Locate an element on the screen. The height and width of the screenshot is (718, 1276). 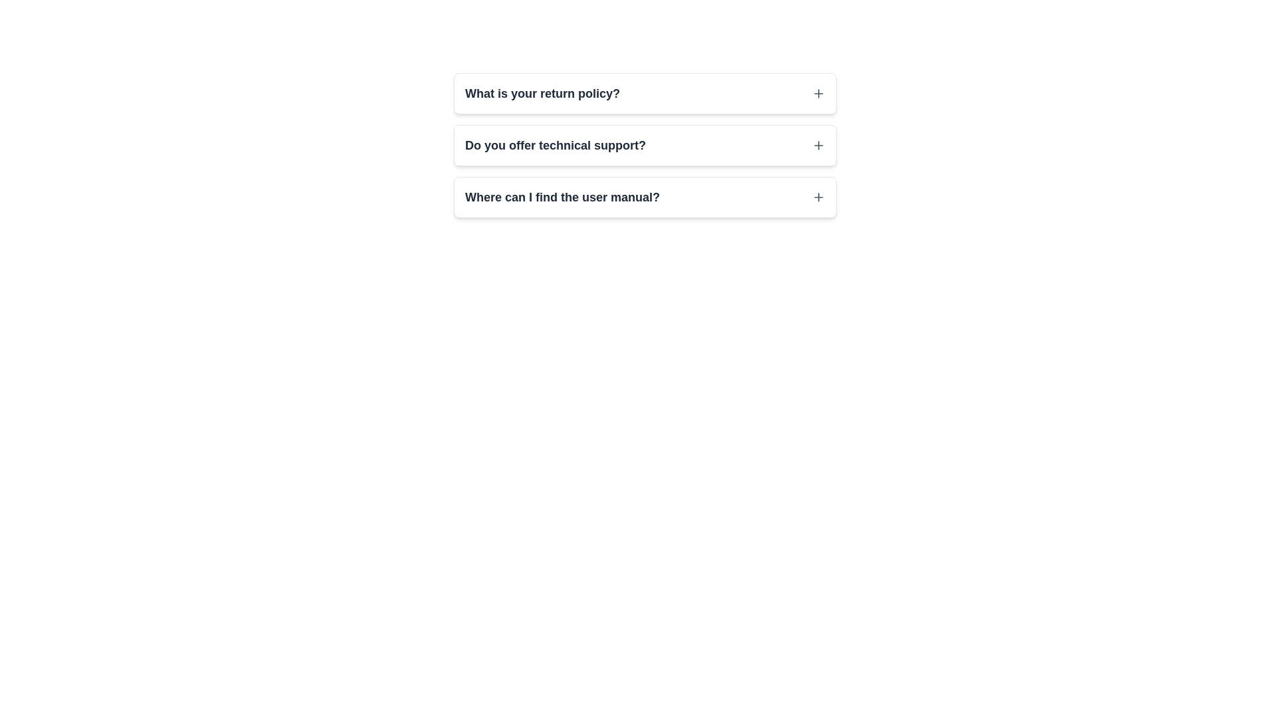
the text label displaying 'Where can I find the user manual?' for accessibility navigation is located at coordinates (562, 197).